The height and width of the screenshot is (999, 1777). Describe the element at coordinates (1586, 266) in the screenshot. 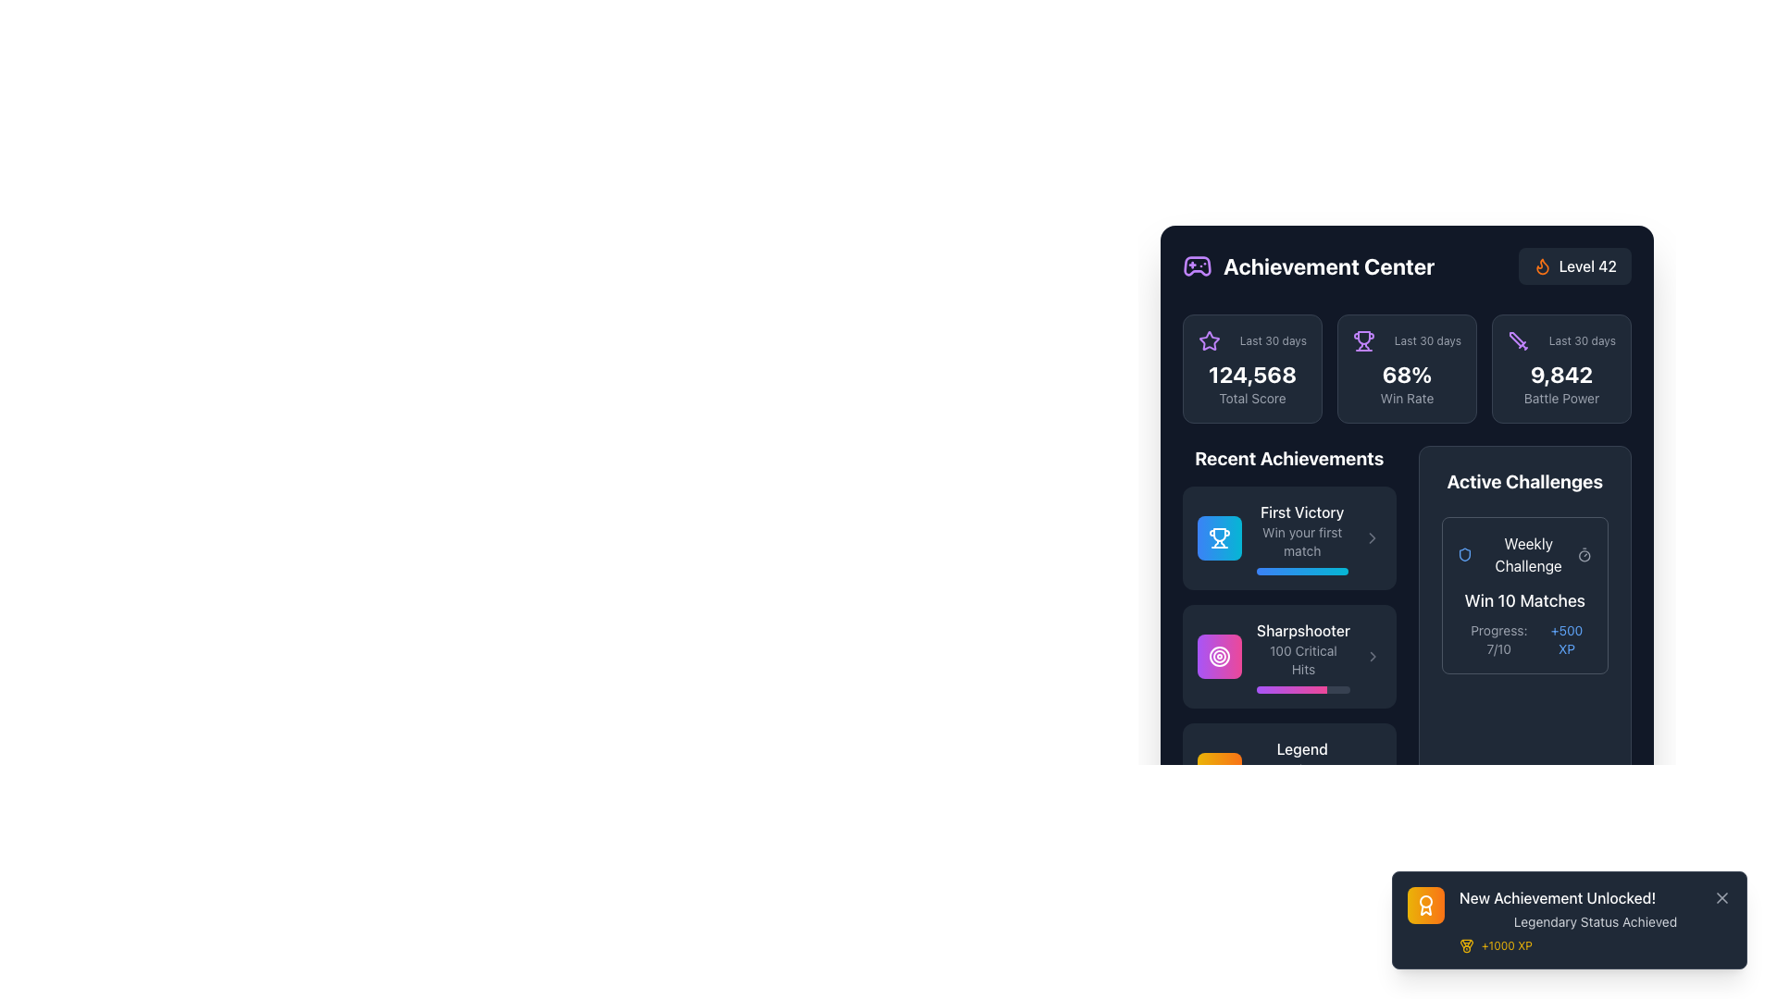

I see `text label indicating the user's current level, which shows 'Level 42' located in the upper right section of a small rectangular dark area with rounded corners` at that location.